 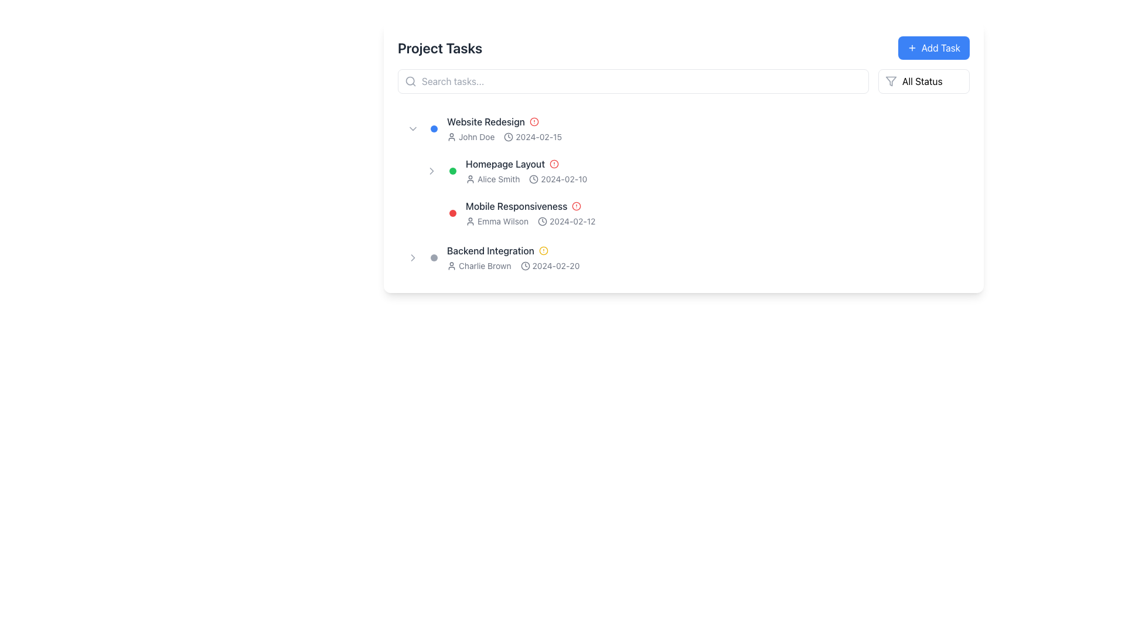 What do you see at coordinates (497, 222) in the screenshot?
I see `assignee's name 'Emma Wilson' from the Label with icon, which features a user profile icon and is part of the 'Mobile Responsiveness' task under 'Project Tasks'` at bounding box center [497, 222].